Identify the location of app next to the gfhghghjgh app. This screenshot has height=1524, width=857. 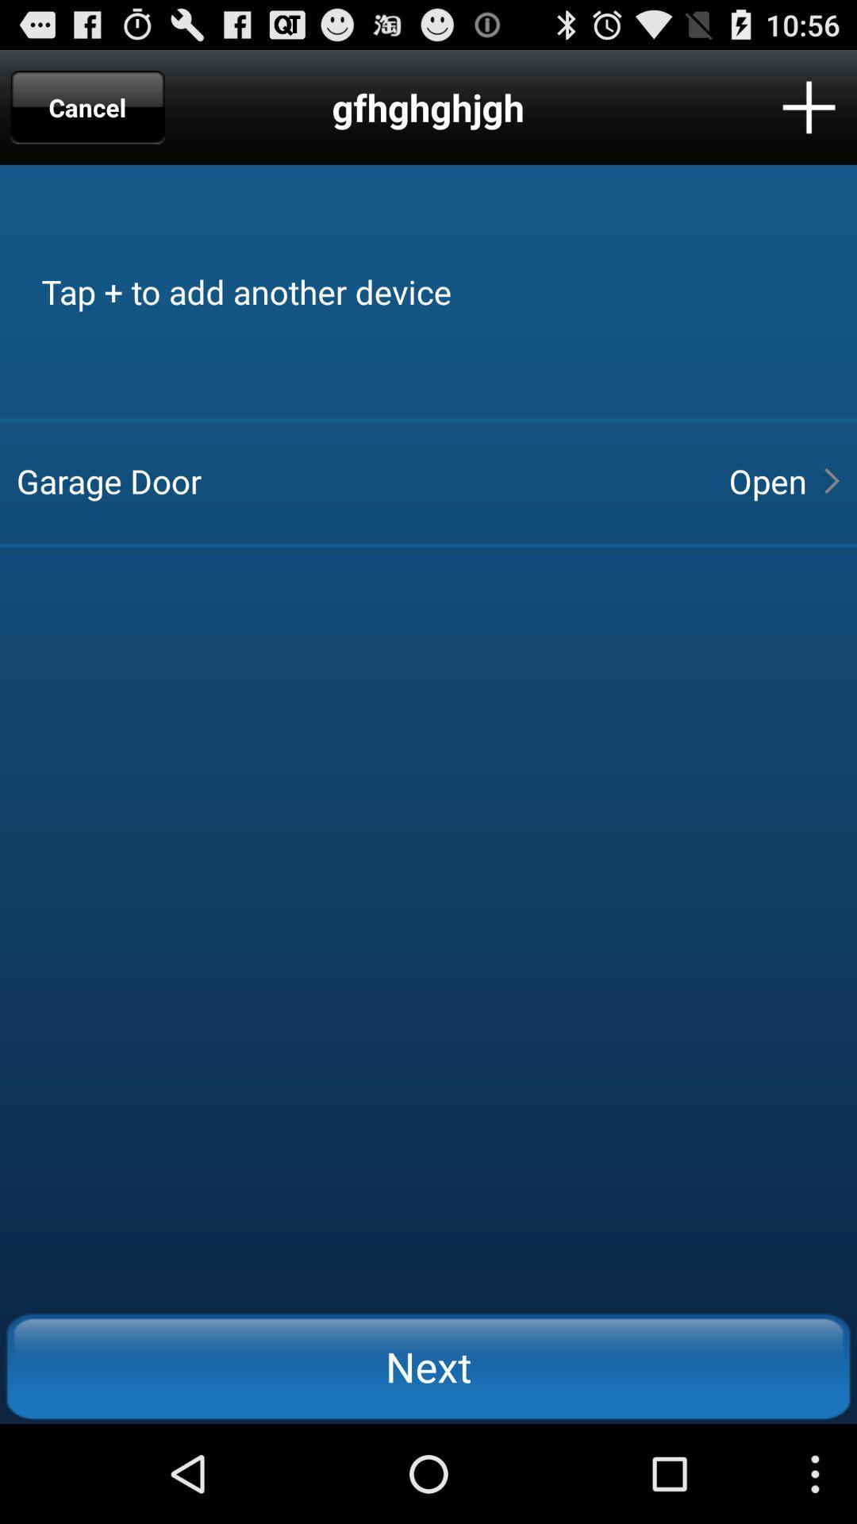
(87, 106).